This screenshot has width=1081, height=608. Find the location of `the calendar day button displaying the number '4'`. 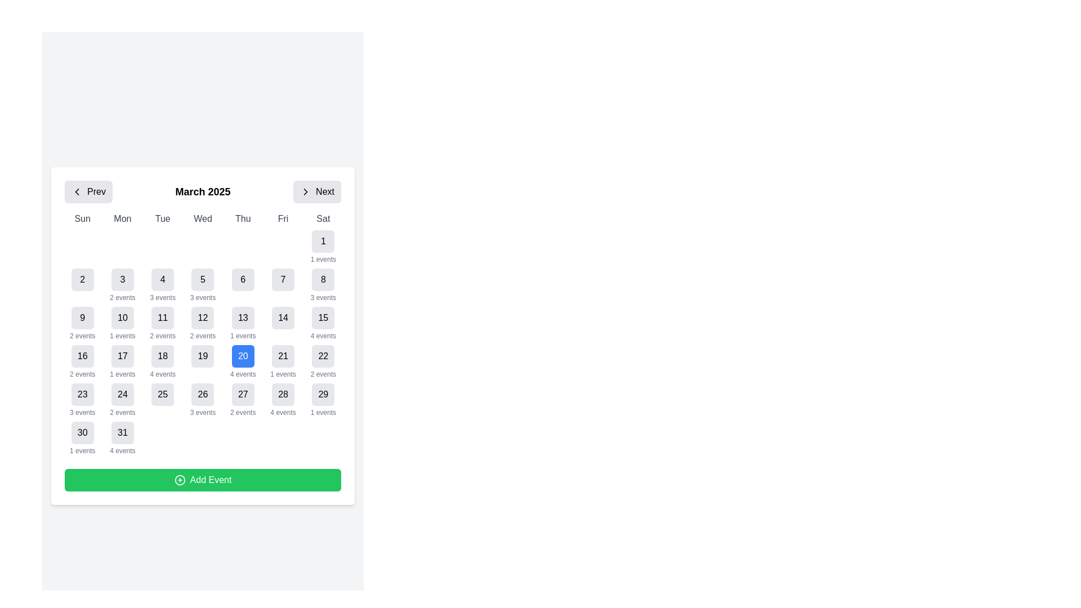

the calendar day button displaying the number '4' is located at coordinates (162, 279).